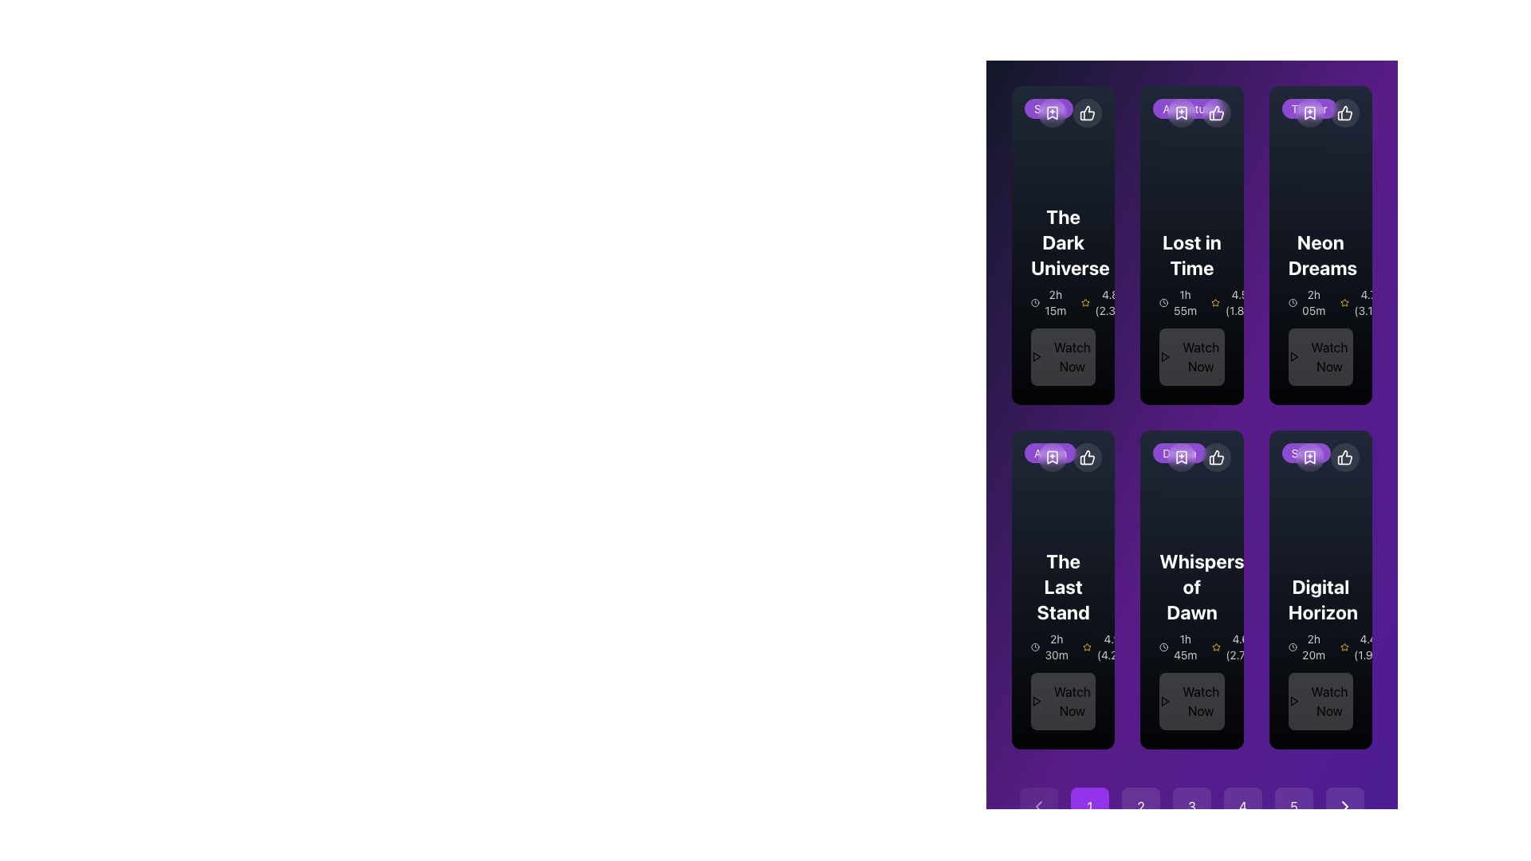 The width and height of the screenshot is (1531, 861). Describe the element at coordinates (1179, 303) in the screenshot. I see `the text '1h 55m' with the clock icon, located in the 'Lost in Time' card, second column, beneath the card's title` at that location.